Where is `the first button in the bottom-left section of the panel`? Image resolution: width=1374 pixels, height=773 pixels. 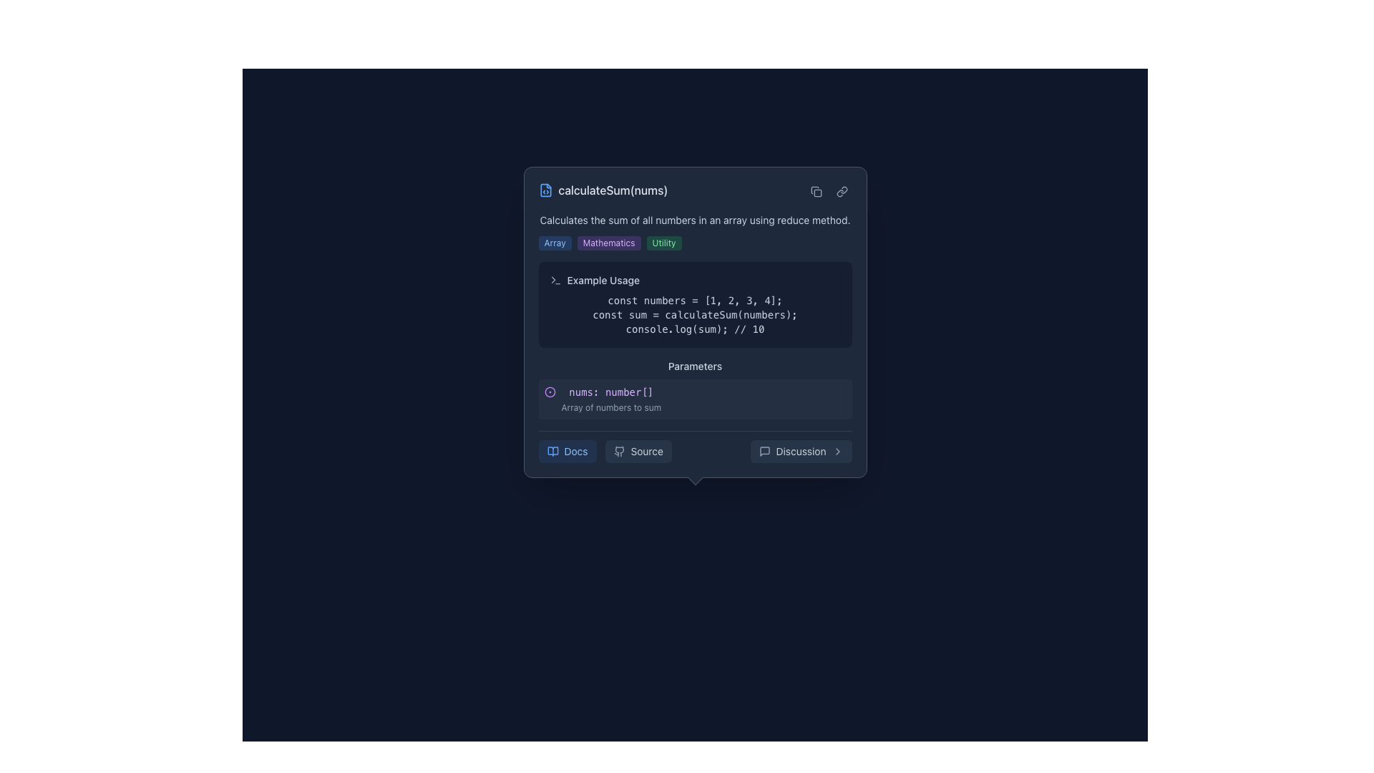 the first button in the bottom-left section of the panel is located at coordinates (566, 452).